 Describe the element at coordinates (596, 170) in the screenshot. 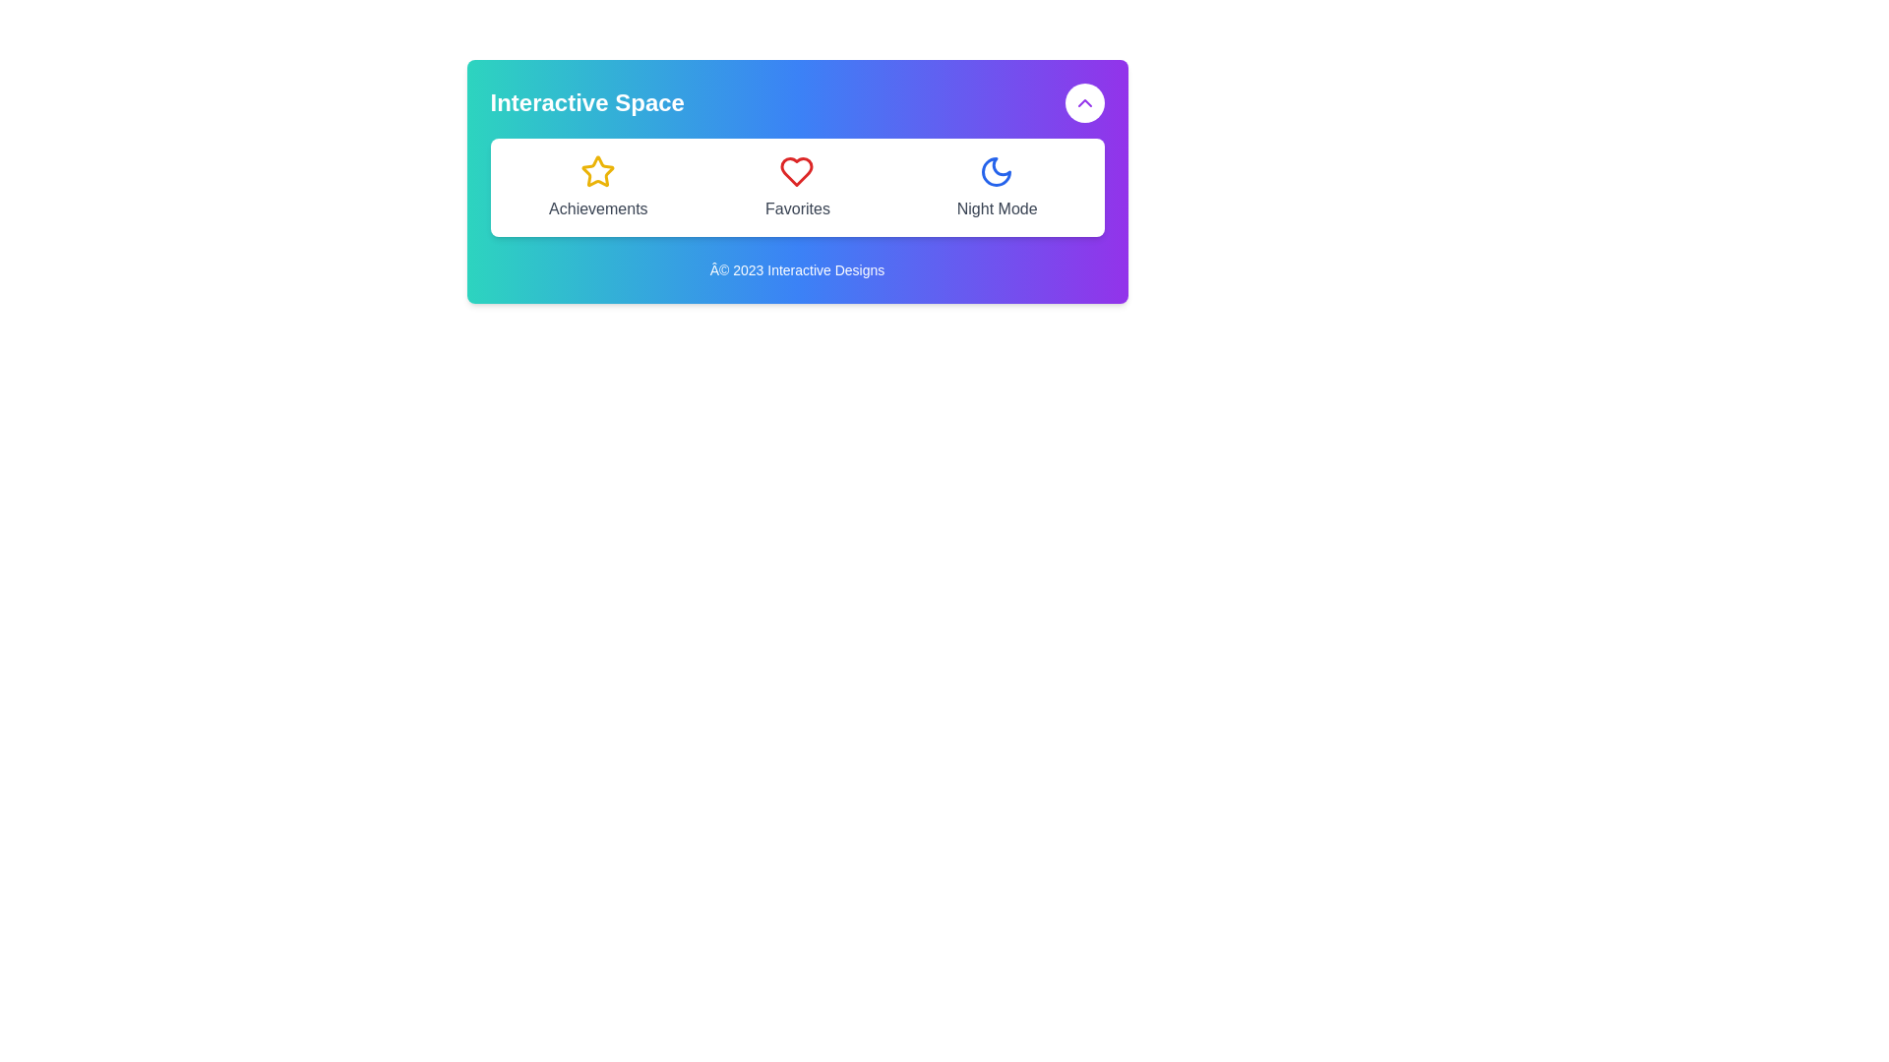

I see `the achievement icon located in the 'Achievements' section, which is positioned to the leftmost of the horizontal row that includes 'Favorites' and 'Night Mode', above the textual label 'Achievements'` at that location.